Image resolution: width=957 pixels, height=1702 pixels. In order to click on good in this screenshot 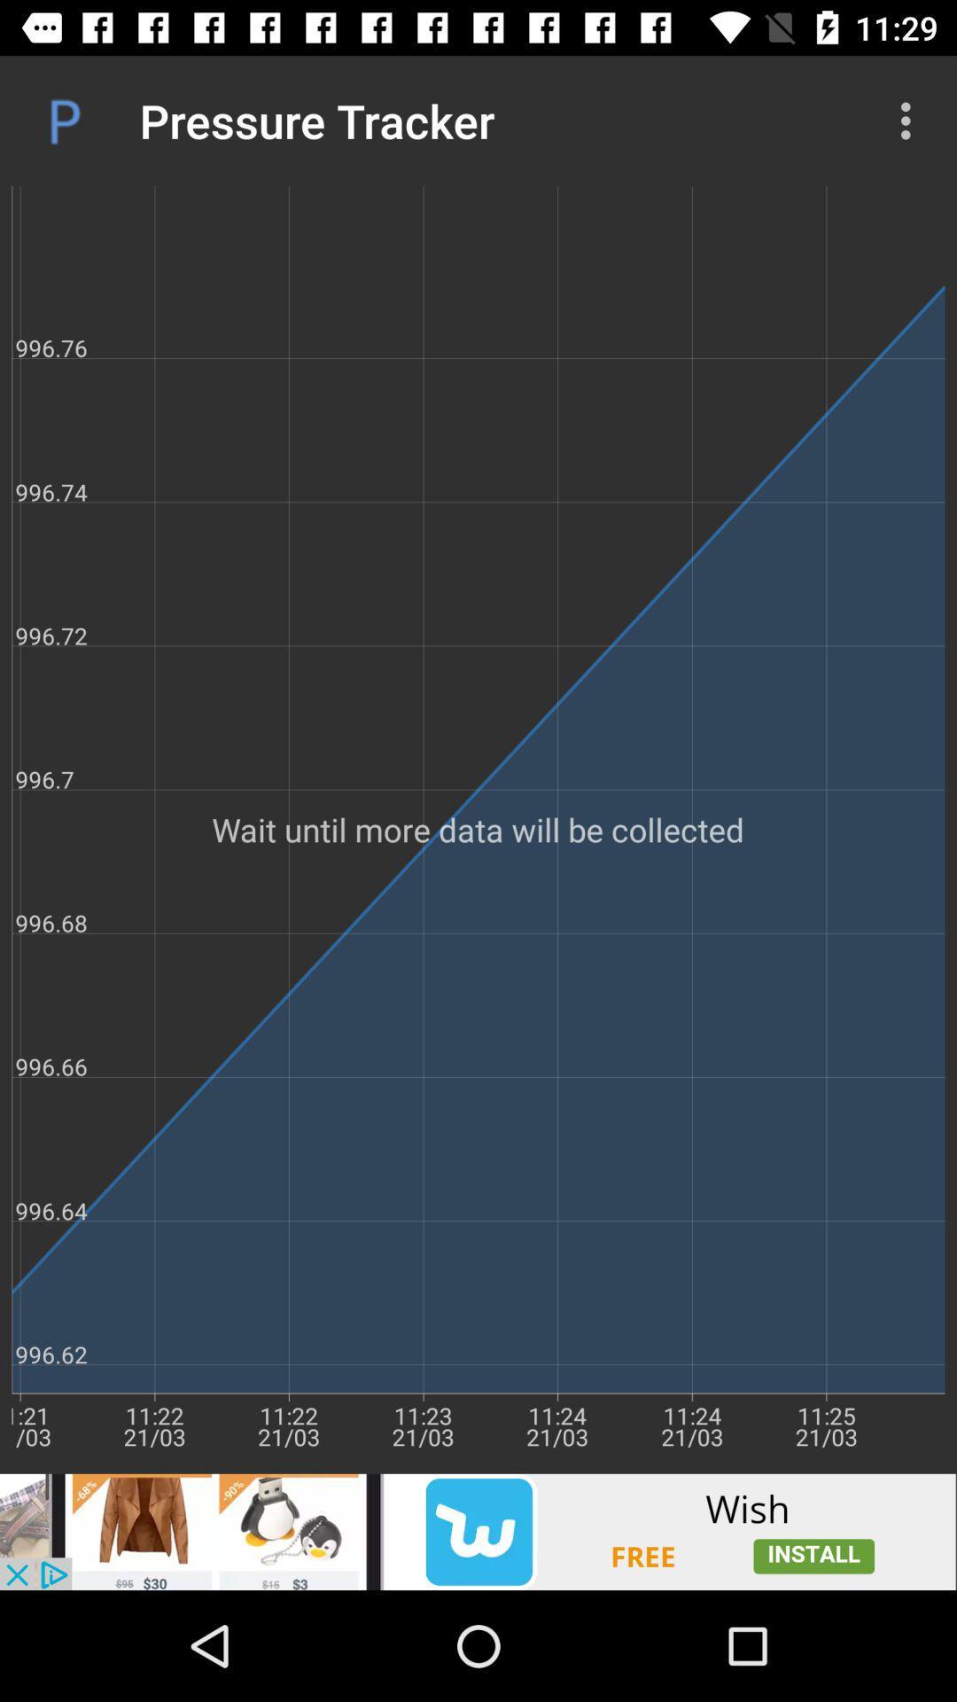, I will do `click(478, 1531)`.